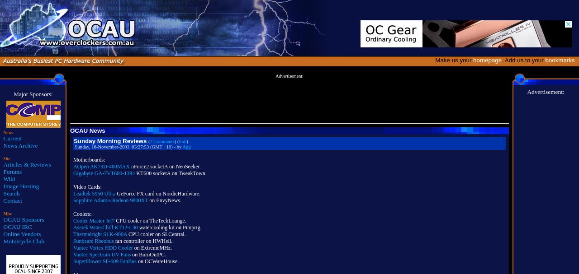 The height and width of the screenshot is (274, 579). I want to click on 'bookmarks', so click(561, 60).